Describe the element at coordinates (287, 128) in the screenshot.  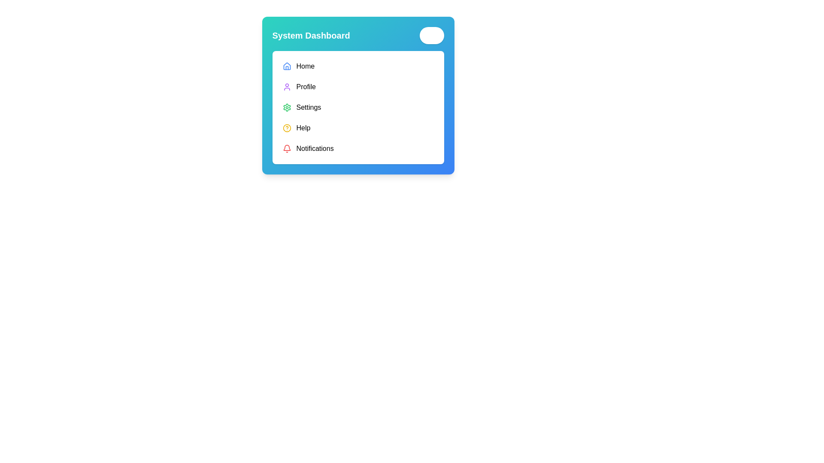
I see `the 'Help' icon in the fourth row of the vertical menu within the 'System Dashboard' panel for clarity` at that location.